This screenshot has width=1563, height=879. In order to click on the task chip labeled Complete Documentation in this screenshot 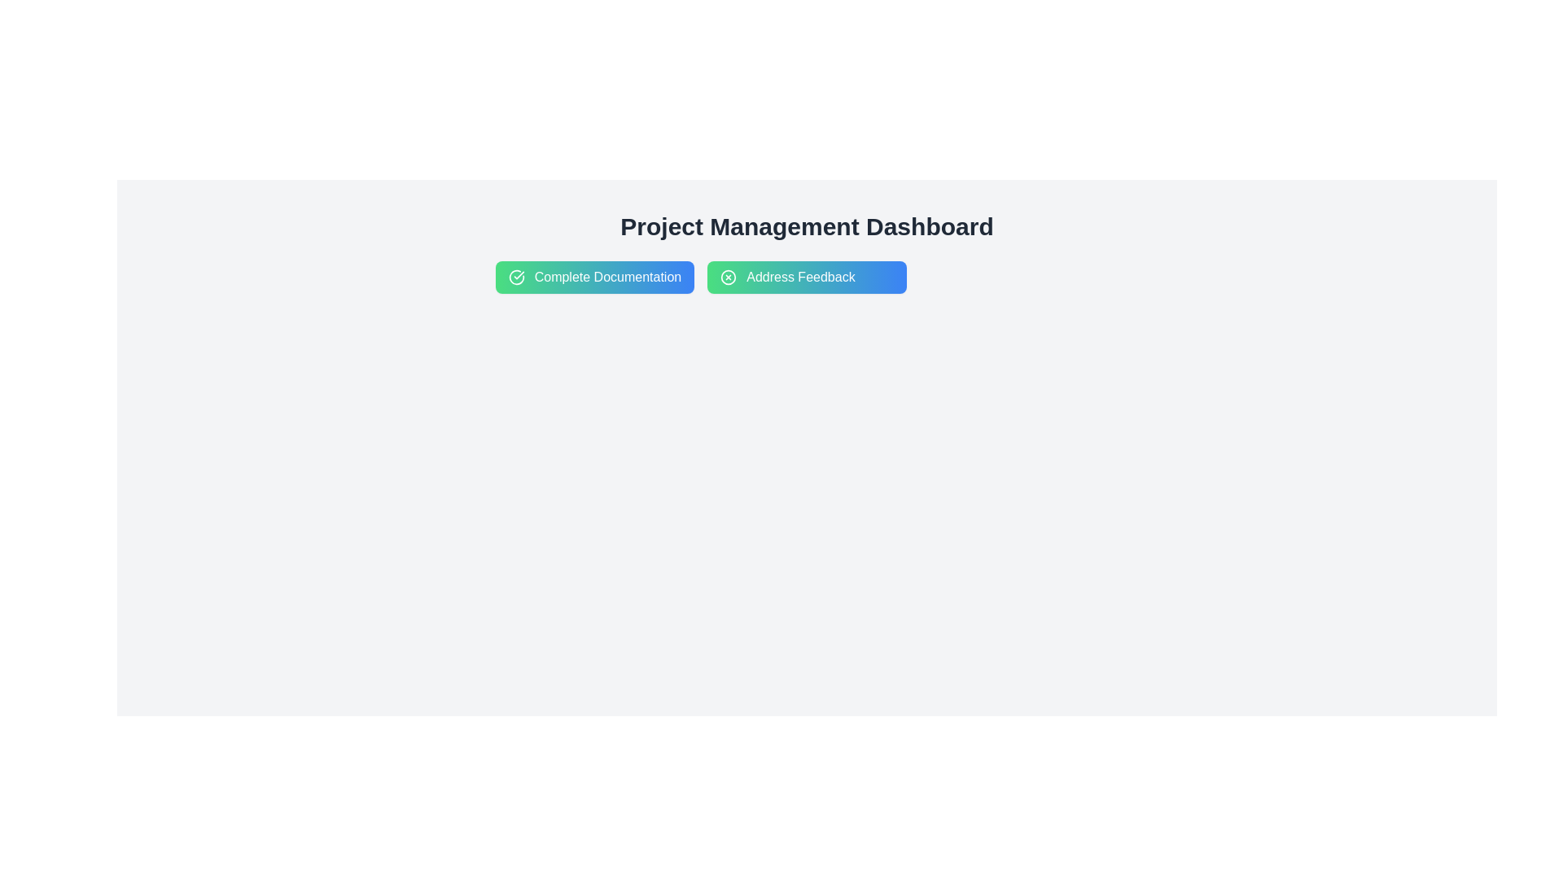, I will do `click(593, 276)`.